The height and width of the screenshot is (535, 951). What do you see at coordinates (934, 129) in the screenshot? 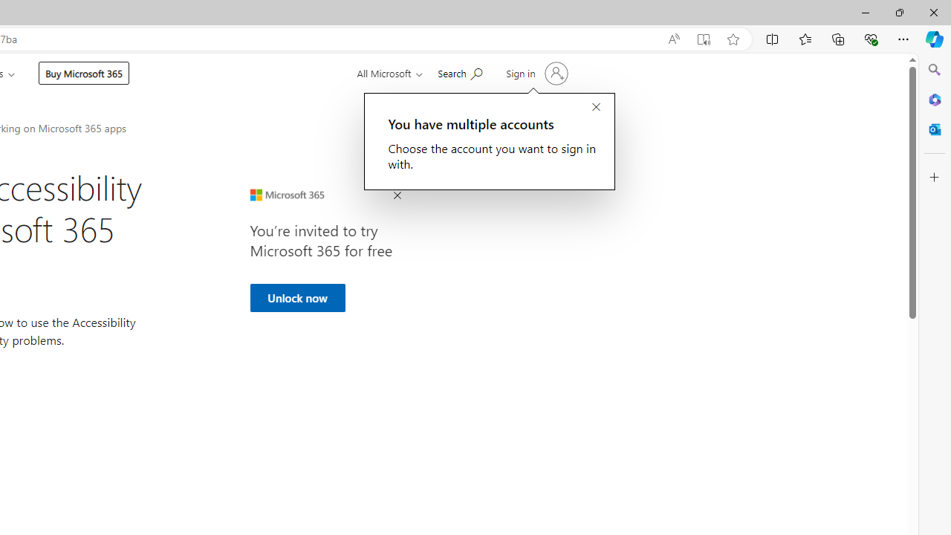
I see `'Outlook'` at bounding box center [934, 129].